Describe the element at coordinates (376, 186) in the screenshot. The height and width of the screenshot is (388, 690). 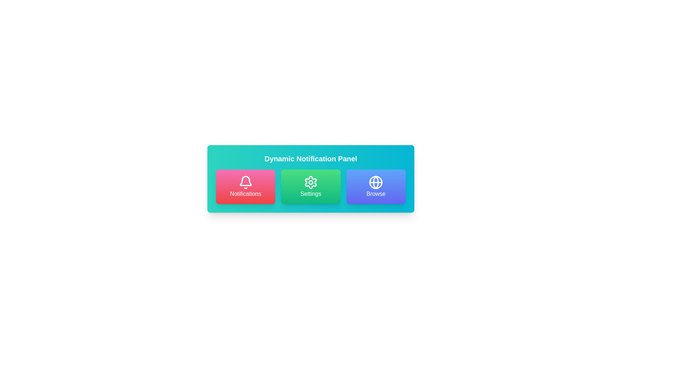
I see `the button located in the third column of a row of three buttons, which is to the right of the 'Settings' button, to observe hover effects` at that location.